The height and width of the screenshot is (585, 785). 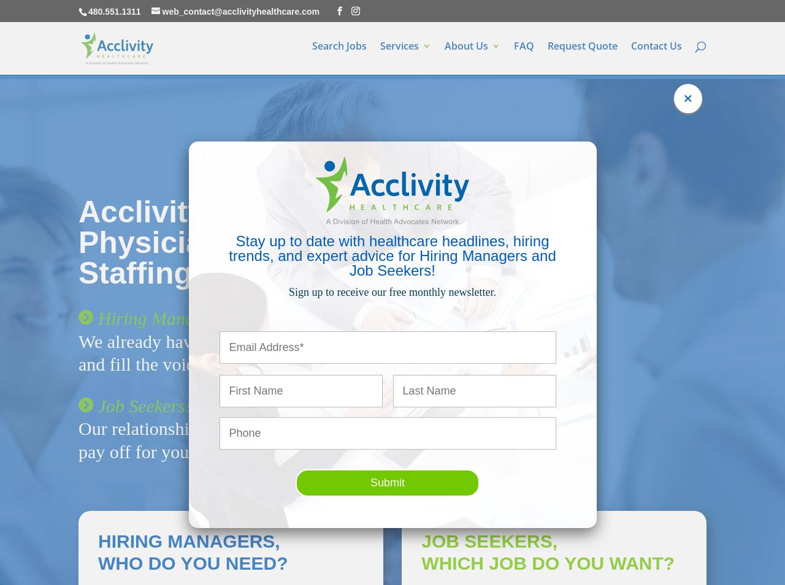 What do you see at coordinates (413, 130) in the screenshot?
I see `'Clinical Staffing'` at bounding box center [413, 130].